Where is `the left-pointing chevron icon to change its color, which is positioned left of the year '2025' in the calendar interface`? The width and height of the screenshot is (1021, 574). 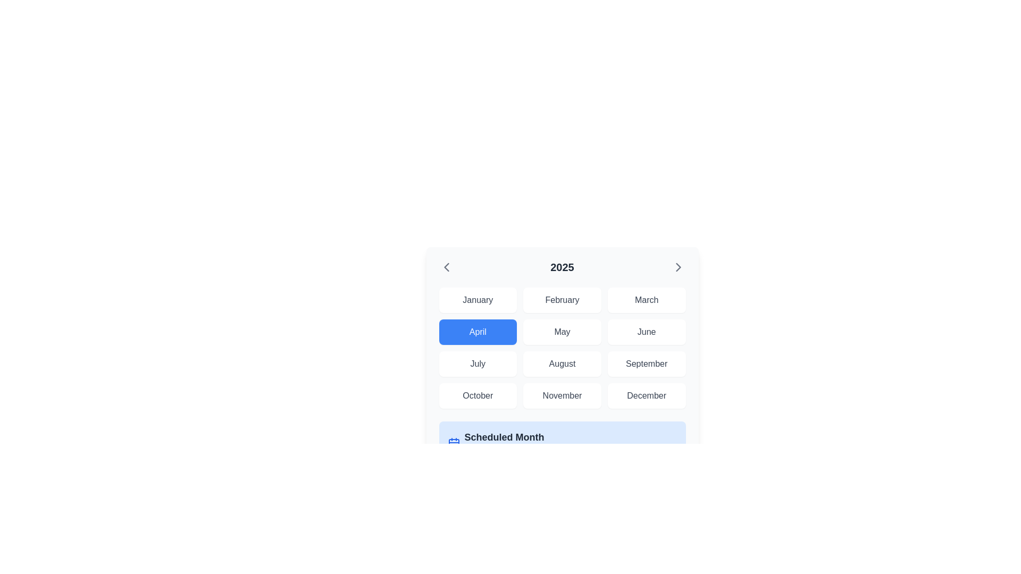 the left-pointing chevron icon to change its color, which is positioned left of the year '2025' in the calendar interface is located at coordinates (446, 266).